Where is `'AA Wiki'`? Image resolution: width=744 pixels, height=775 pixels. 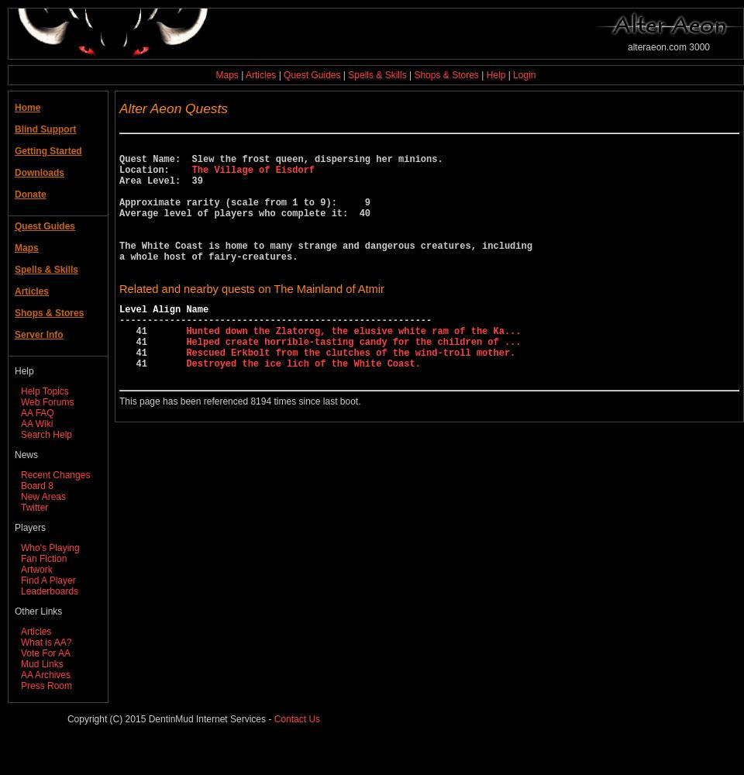 'AA Wiki' is located at coordinates (36, 424).